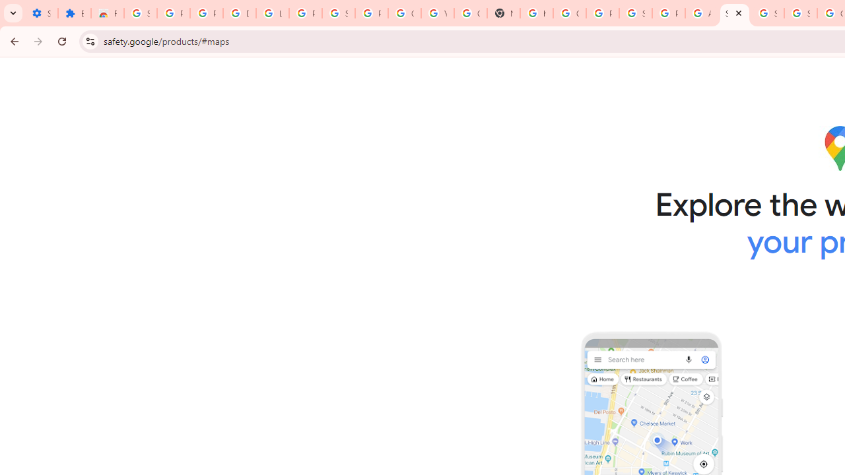  I want to click on 'Learn how to find your photos - Google Photos Help', so click(271, 13).